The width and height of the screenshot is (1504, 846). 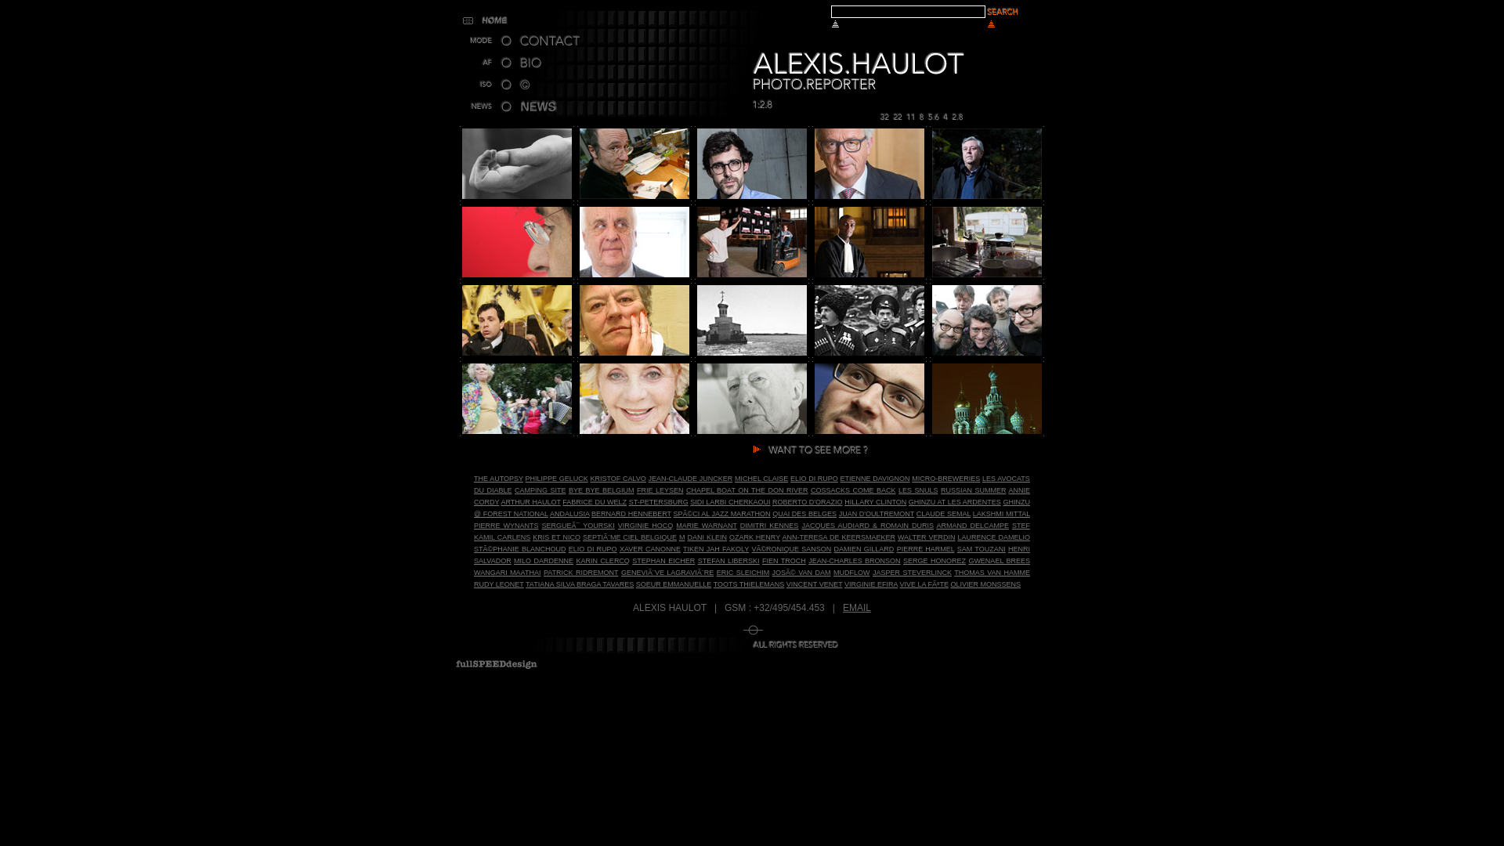 What do you see at coordinates (660, 489) in the screenshot?
I see `'FRIE LEYSEN'` at bounding box center [660, 489].